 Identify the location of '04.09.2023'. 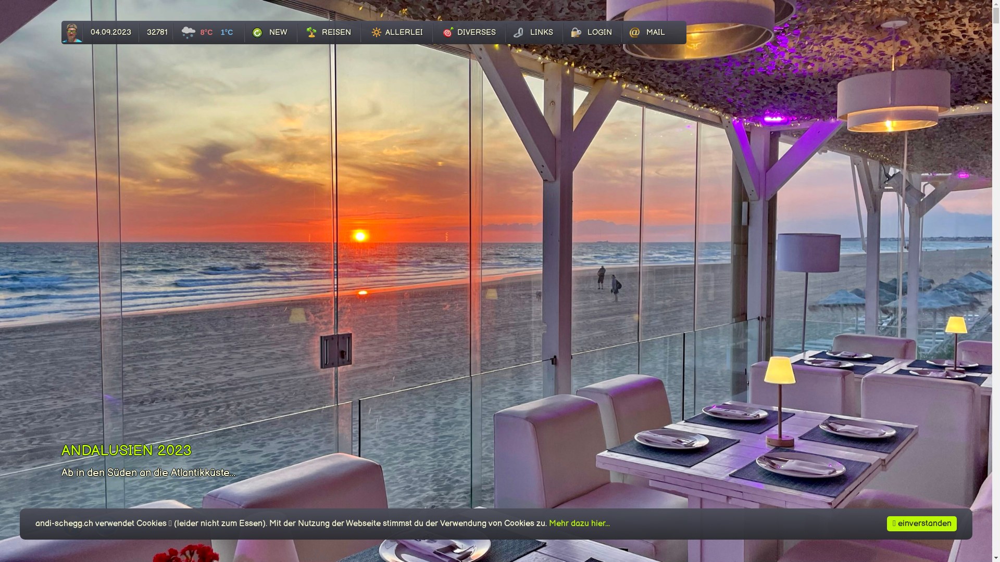
(110, 32).